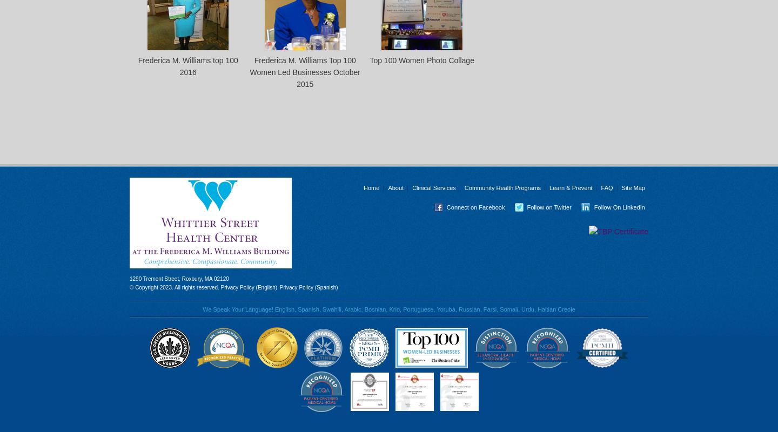  Describe the element at coordinates (388, 309) in the screenshot. I see `'We Speak Your Language! English, Spanish, Swahili, Arabic, Bosnian, Krio, Portuguese, Yoruba, Russian, Farsi, Somali, Urdu, Haitian Creole'` at that location.